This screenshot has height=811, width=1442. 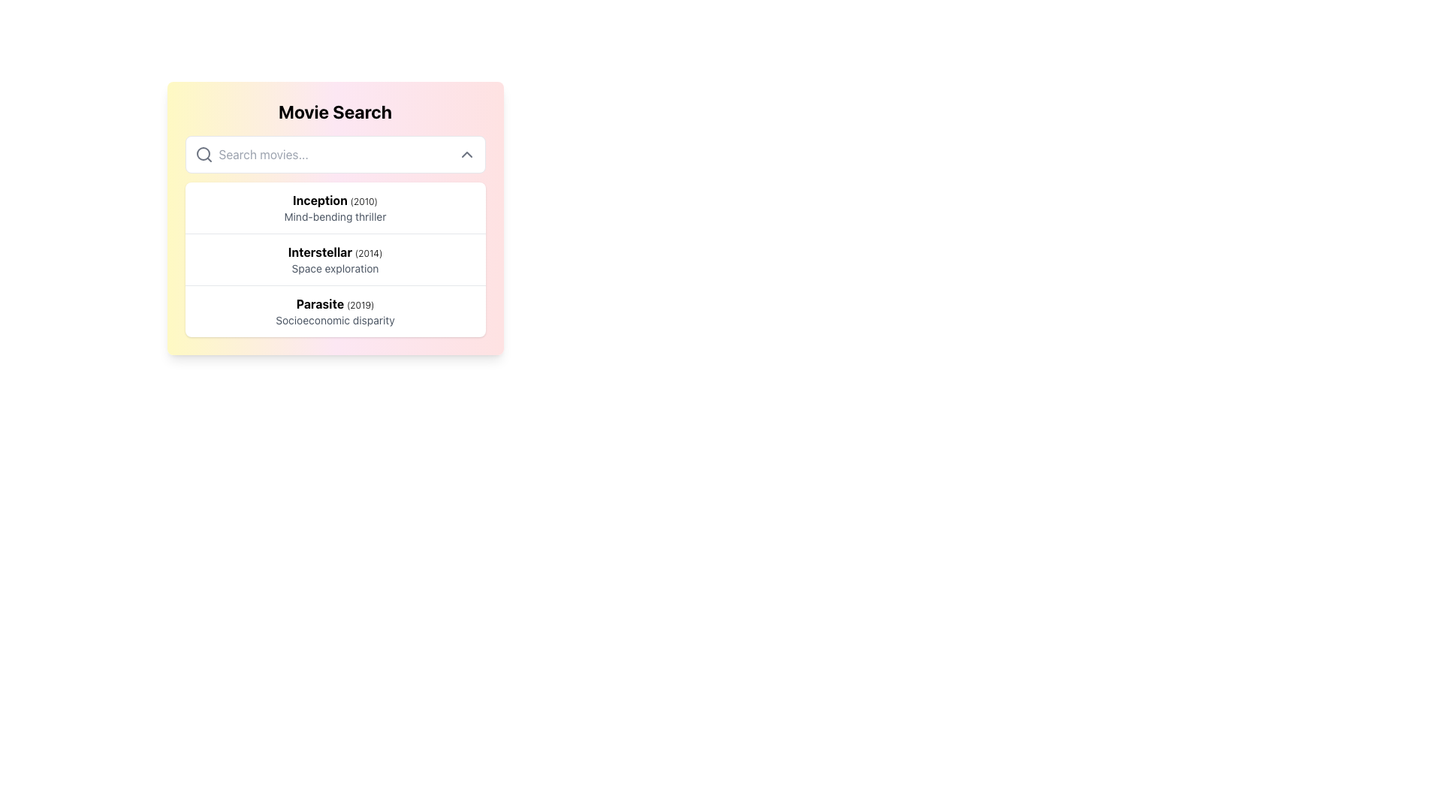 I want to click on the first descriptive list item displaying the title 'Inception (2010)' and the description 'Mind-bending thriller' within the 'Movie Search' section, so click(x=334, y=208).